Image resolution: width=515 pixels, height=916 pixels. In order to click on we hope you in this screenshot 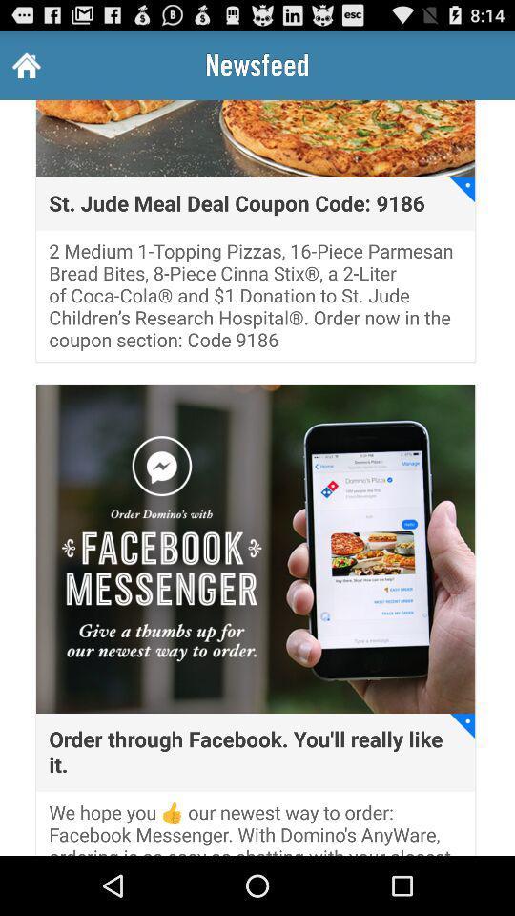, I will do `click(256, 827)`.